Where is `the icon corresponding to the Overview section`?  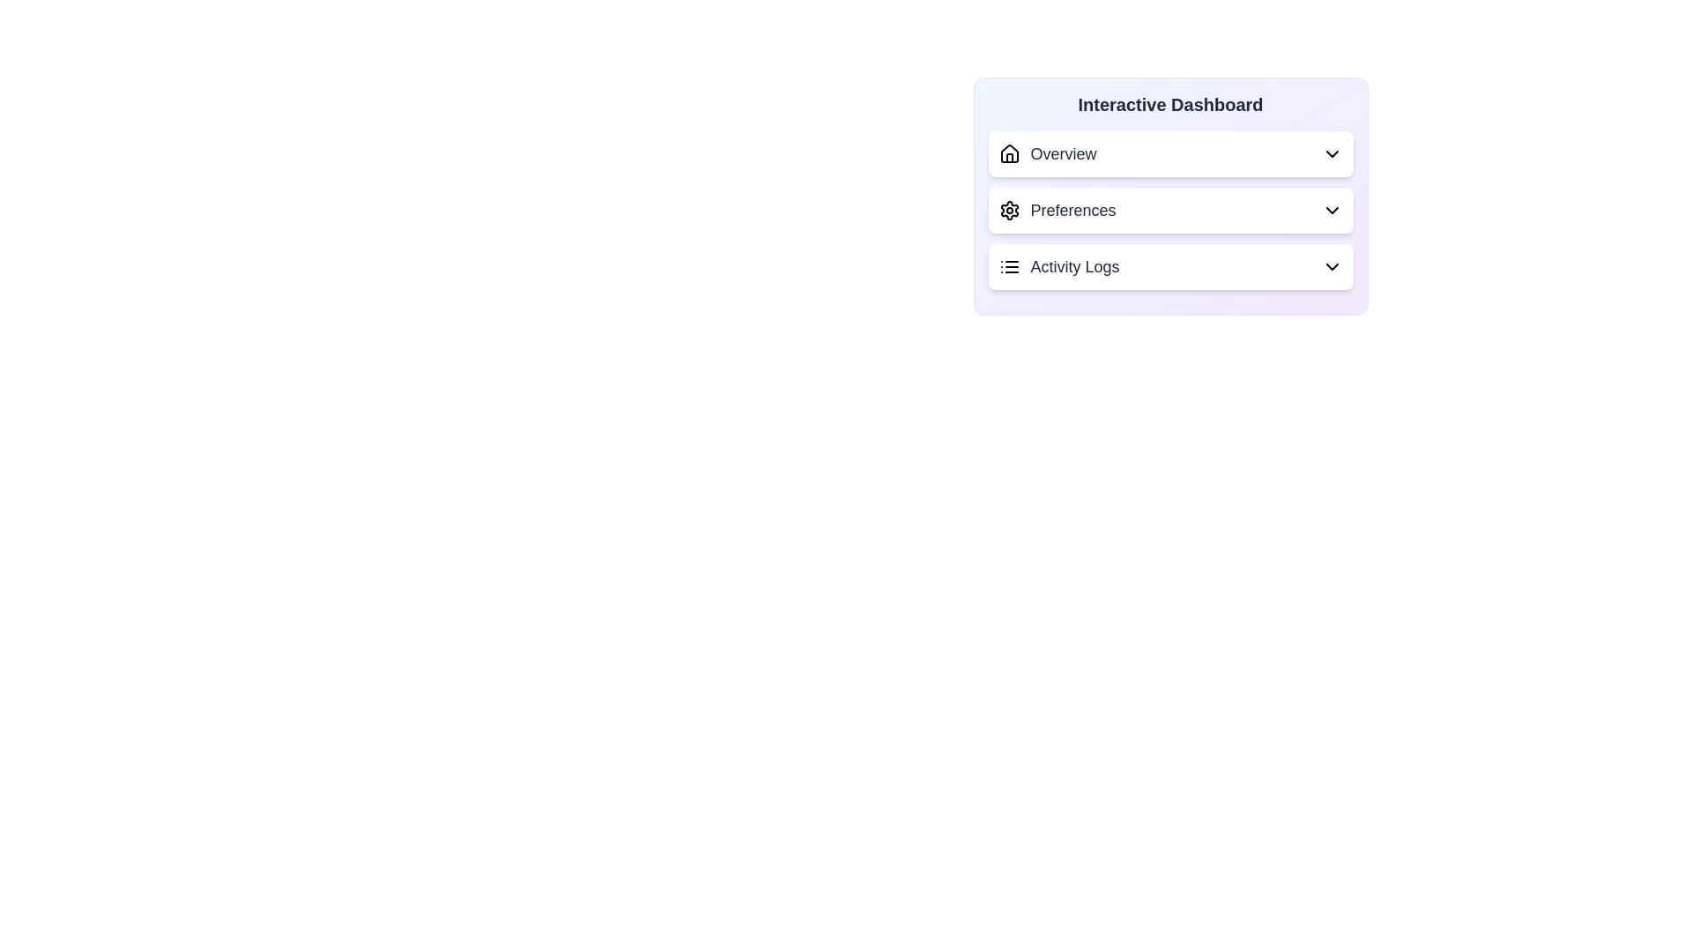
the icon corresponding to the Overview section is located at coordinates (1009, 152).